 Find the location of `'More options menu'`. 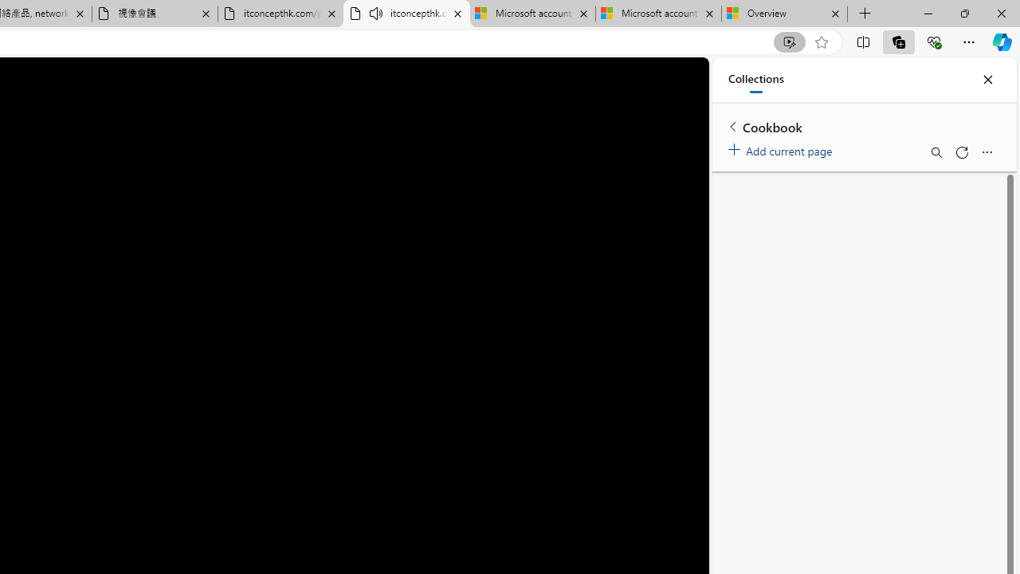

'More options menu' is located at coordinates (986, 152).